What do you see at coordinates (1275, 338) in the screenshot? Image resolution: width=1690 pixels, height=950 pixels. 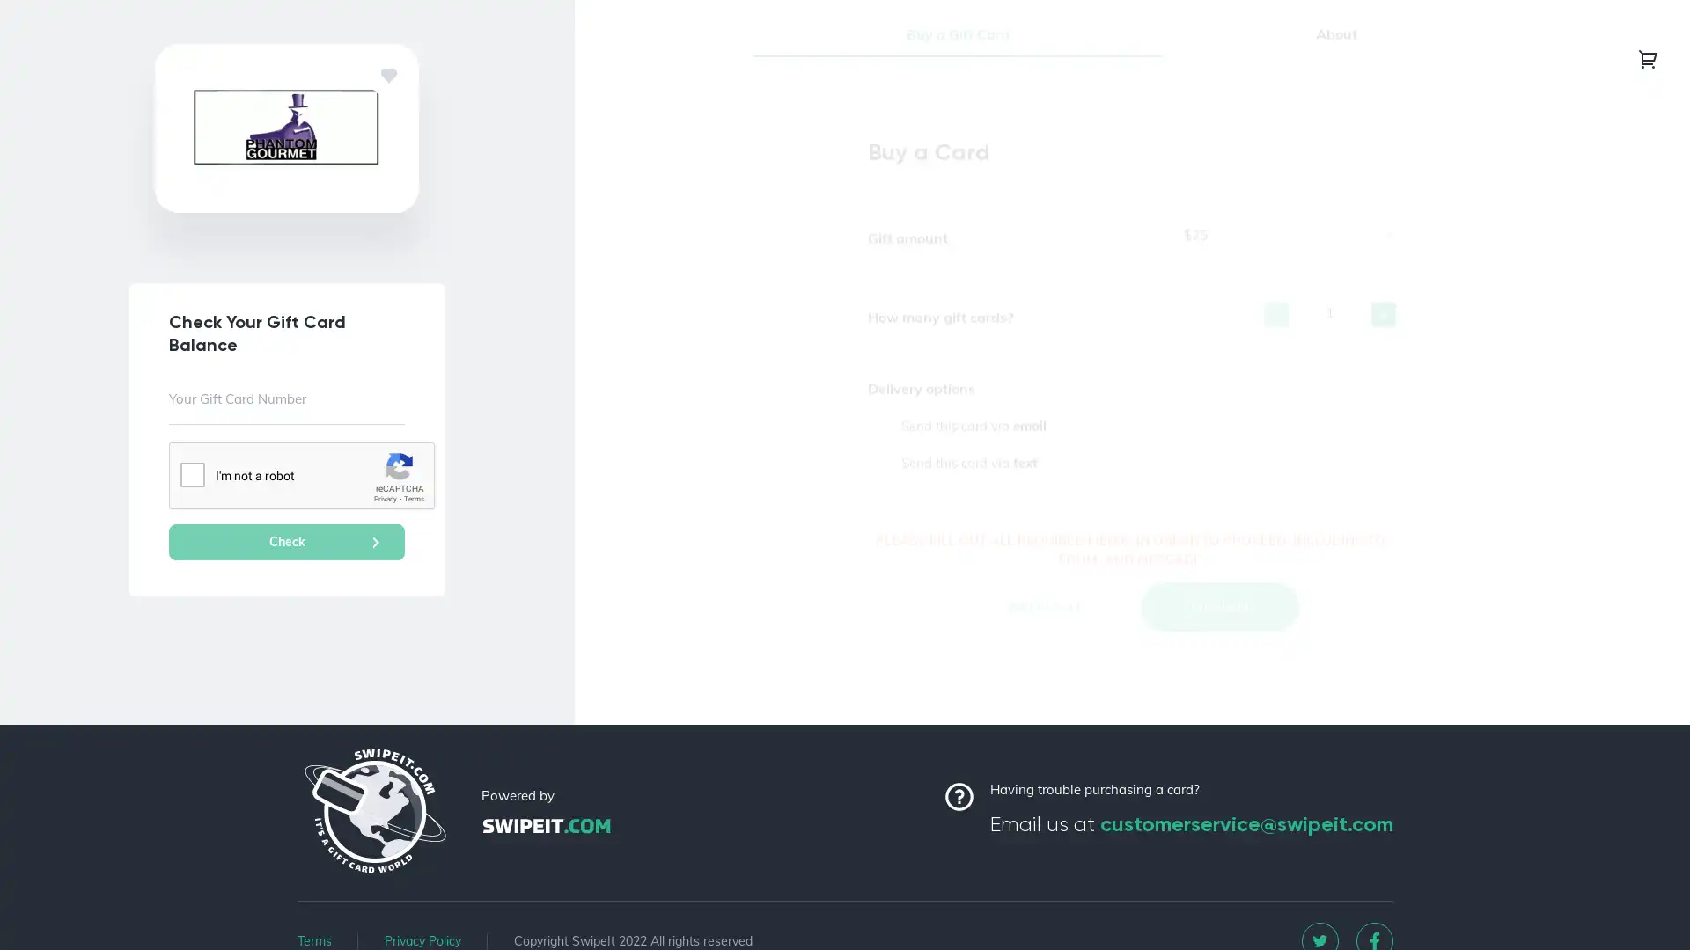 I see `-` at bounding box center [1275, 338].